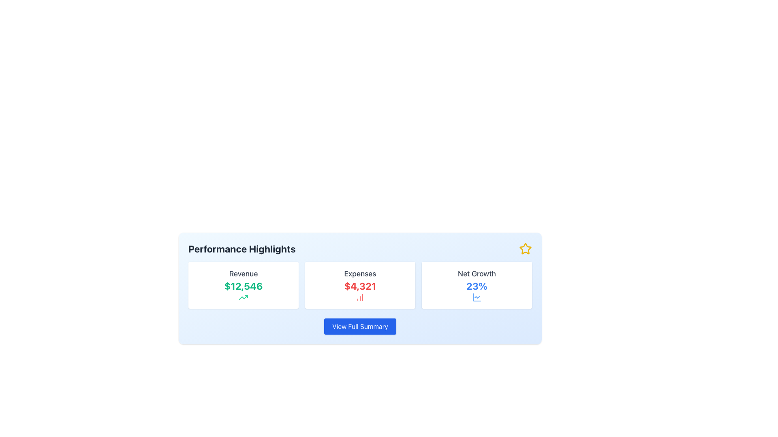  What do you see at coordinates (525, 248) in the screenshot?
I see `the star-shaped icon with a hollow center and yellow outline located in the top-right corner of the blue panel labeled 'Performance Highlights'` at bounding box center [525, 248].